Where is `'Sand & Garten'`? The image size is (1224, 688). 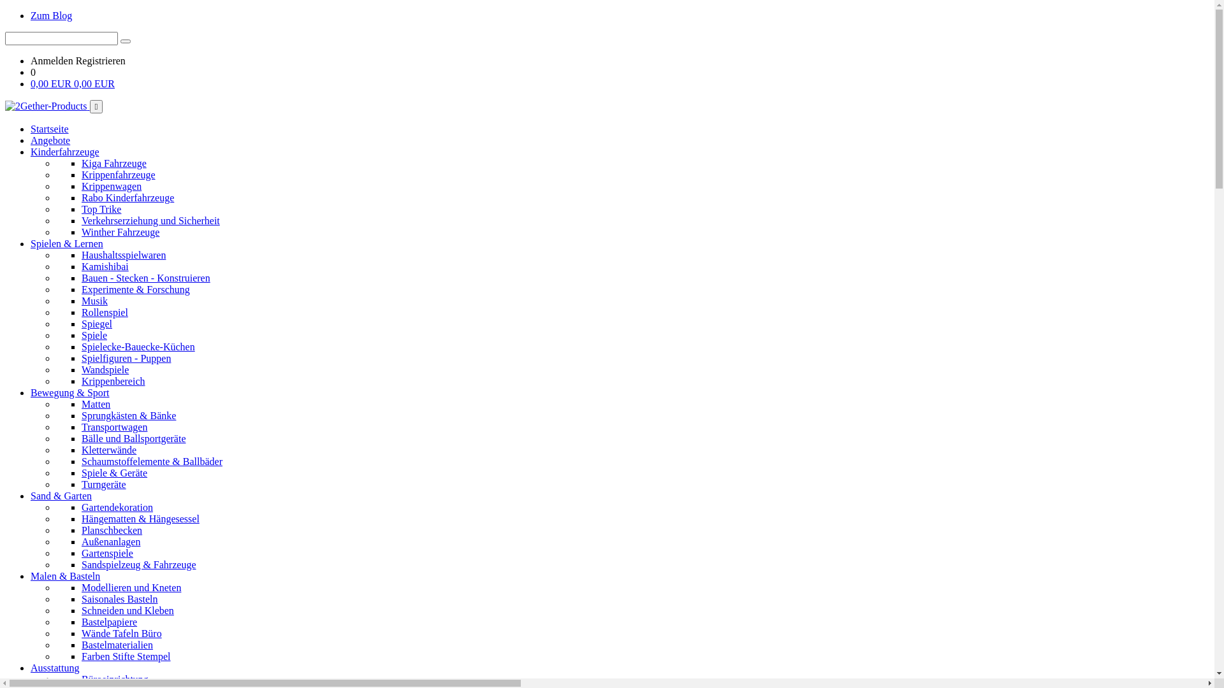 'Sand & Garten' is located at coordinates (61, 495).